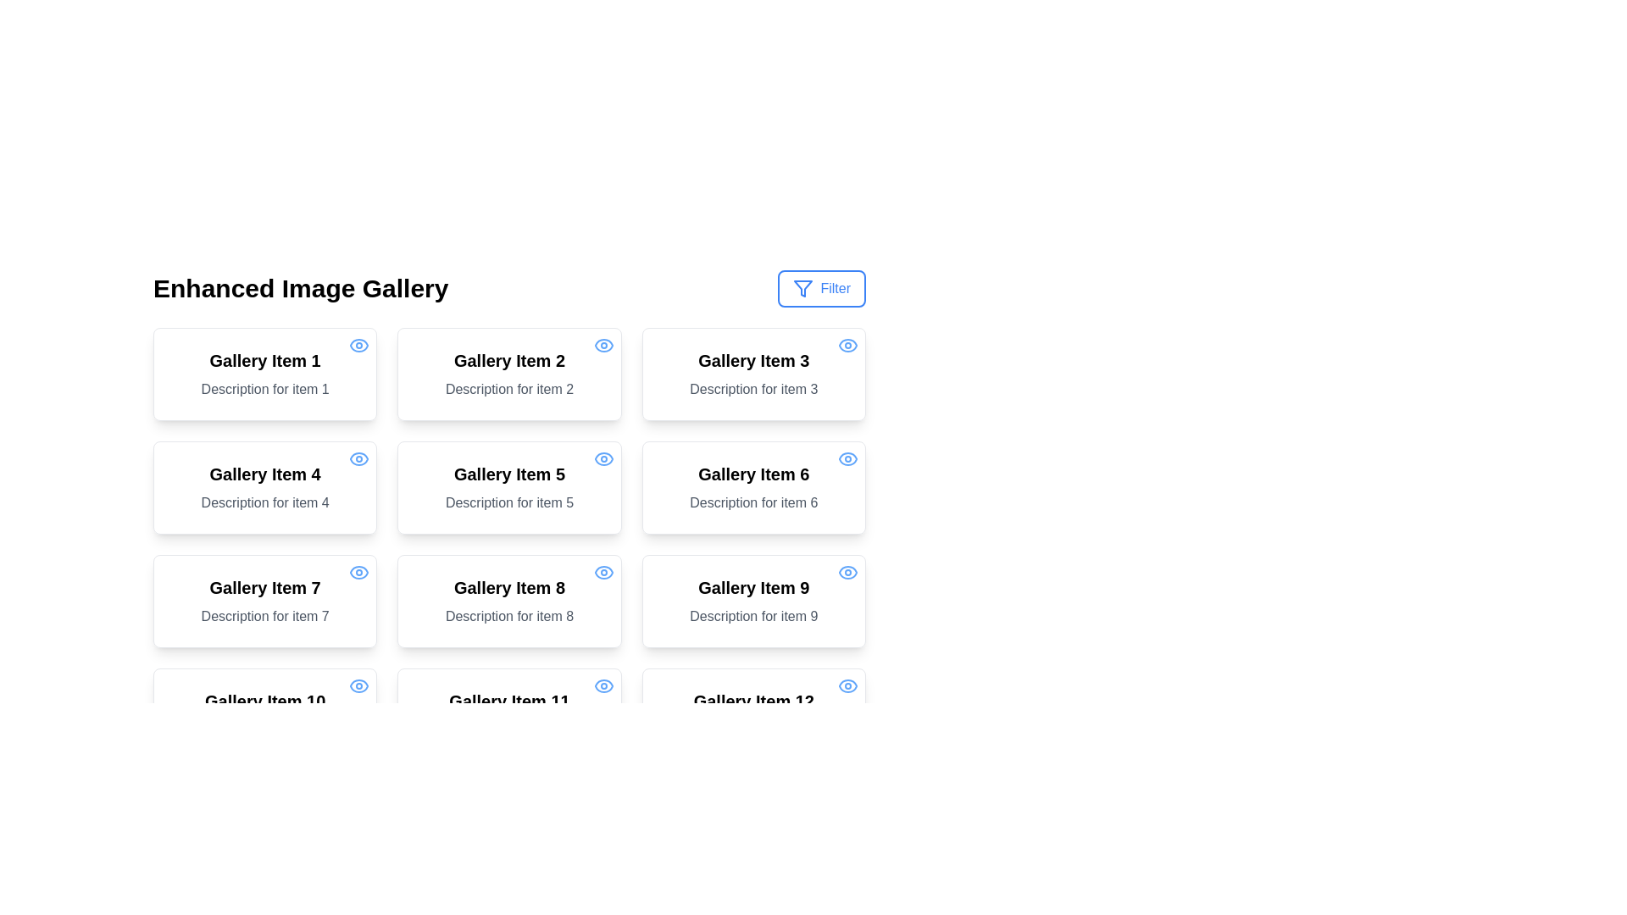 The height and width of the screenshot is (915, 1627). Describe the element at coordinates (358, 572) in the screenshot. I see `the visibility settings icon located in the top-right corner of the card labeled 'Gallery Item 7'` at that location.